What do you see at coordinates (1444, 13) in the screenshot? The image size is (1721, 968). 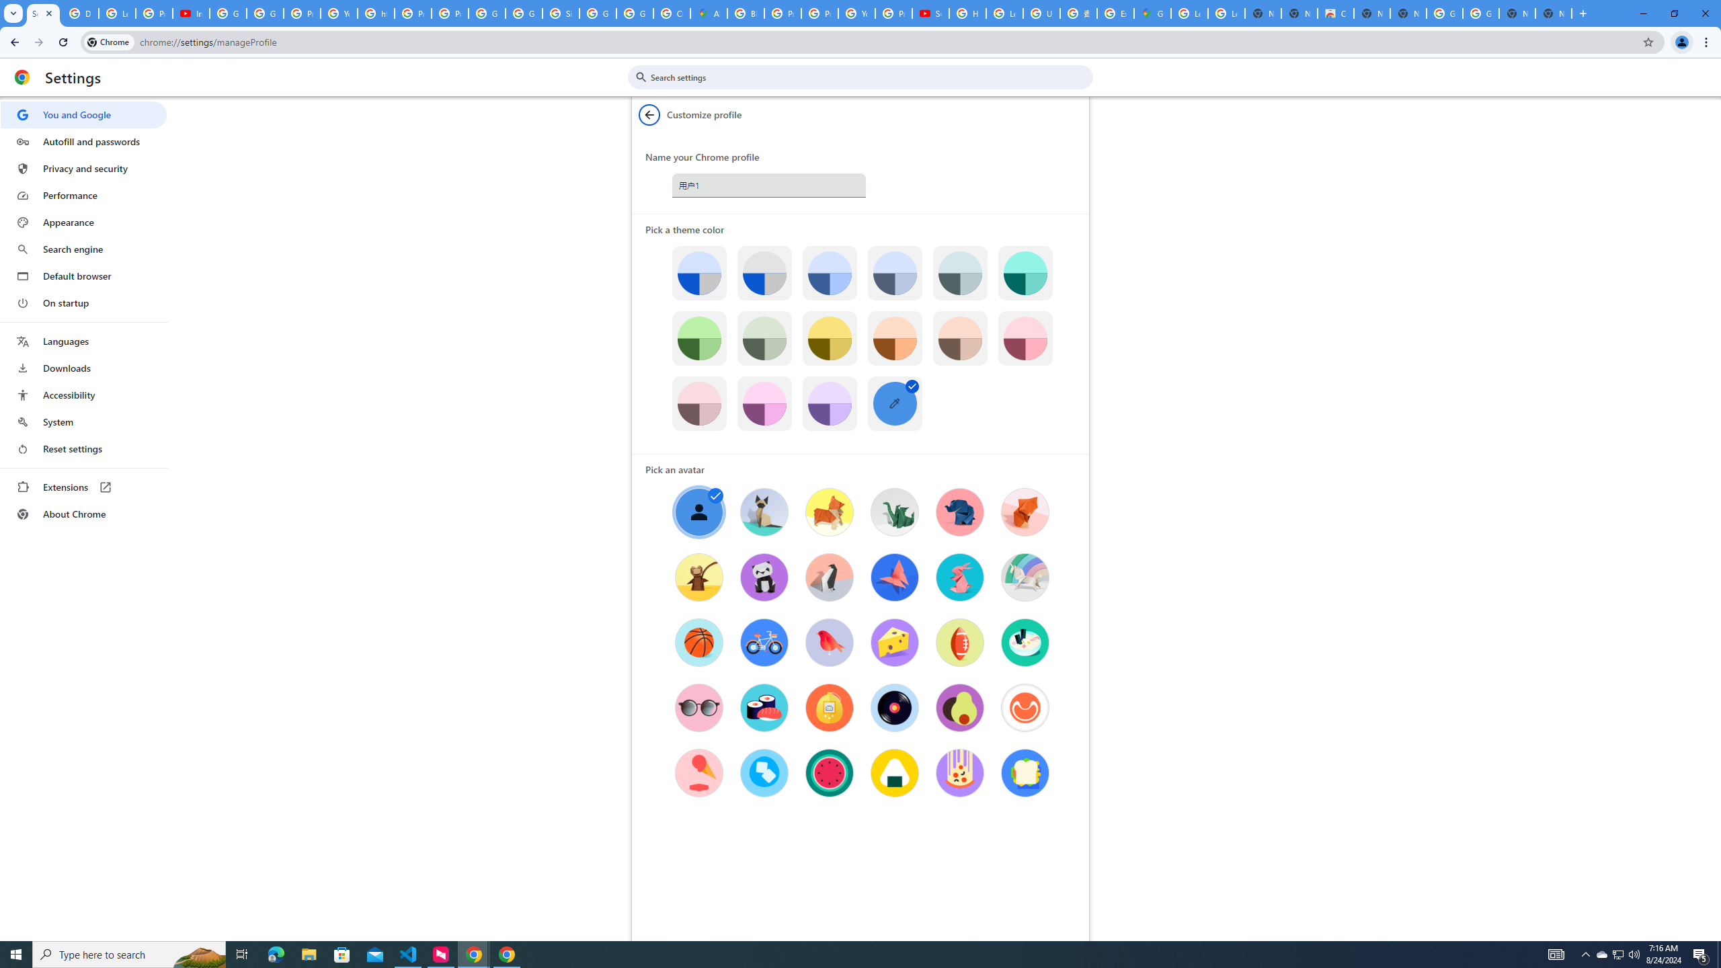 I see `'Google Images'` at bounding box center [1444, 13].